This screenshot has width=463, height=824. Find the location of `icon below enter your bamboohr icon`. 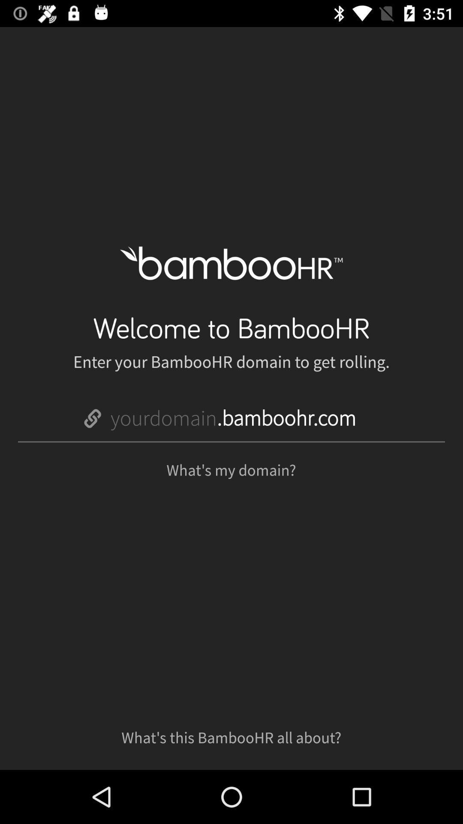

icon below enter your bamboohr icon is located at coordinates (233, 418).